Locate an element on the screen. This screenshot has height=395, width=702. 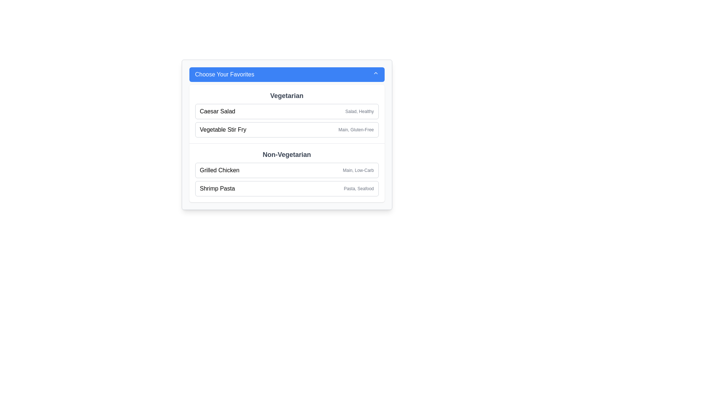
the interactive list item labeled 'Grilled Chicken' with the subtitle 'Main, Low-Carb' in the Non-Vegetarian category is located at coordinates (286, 170).